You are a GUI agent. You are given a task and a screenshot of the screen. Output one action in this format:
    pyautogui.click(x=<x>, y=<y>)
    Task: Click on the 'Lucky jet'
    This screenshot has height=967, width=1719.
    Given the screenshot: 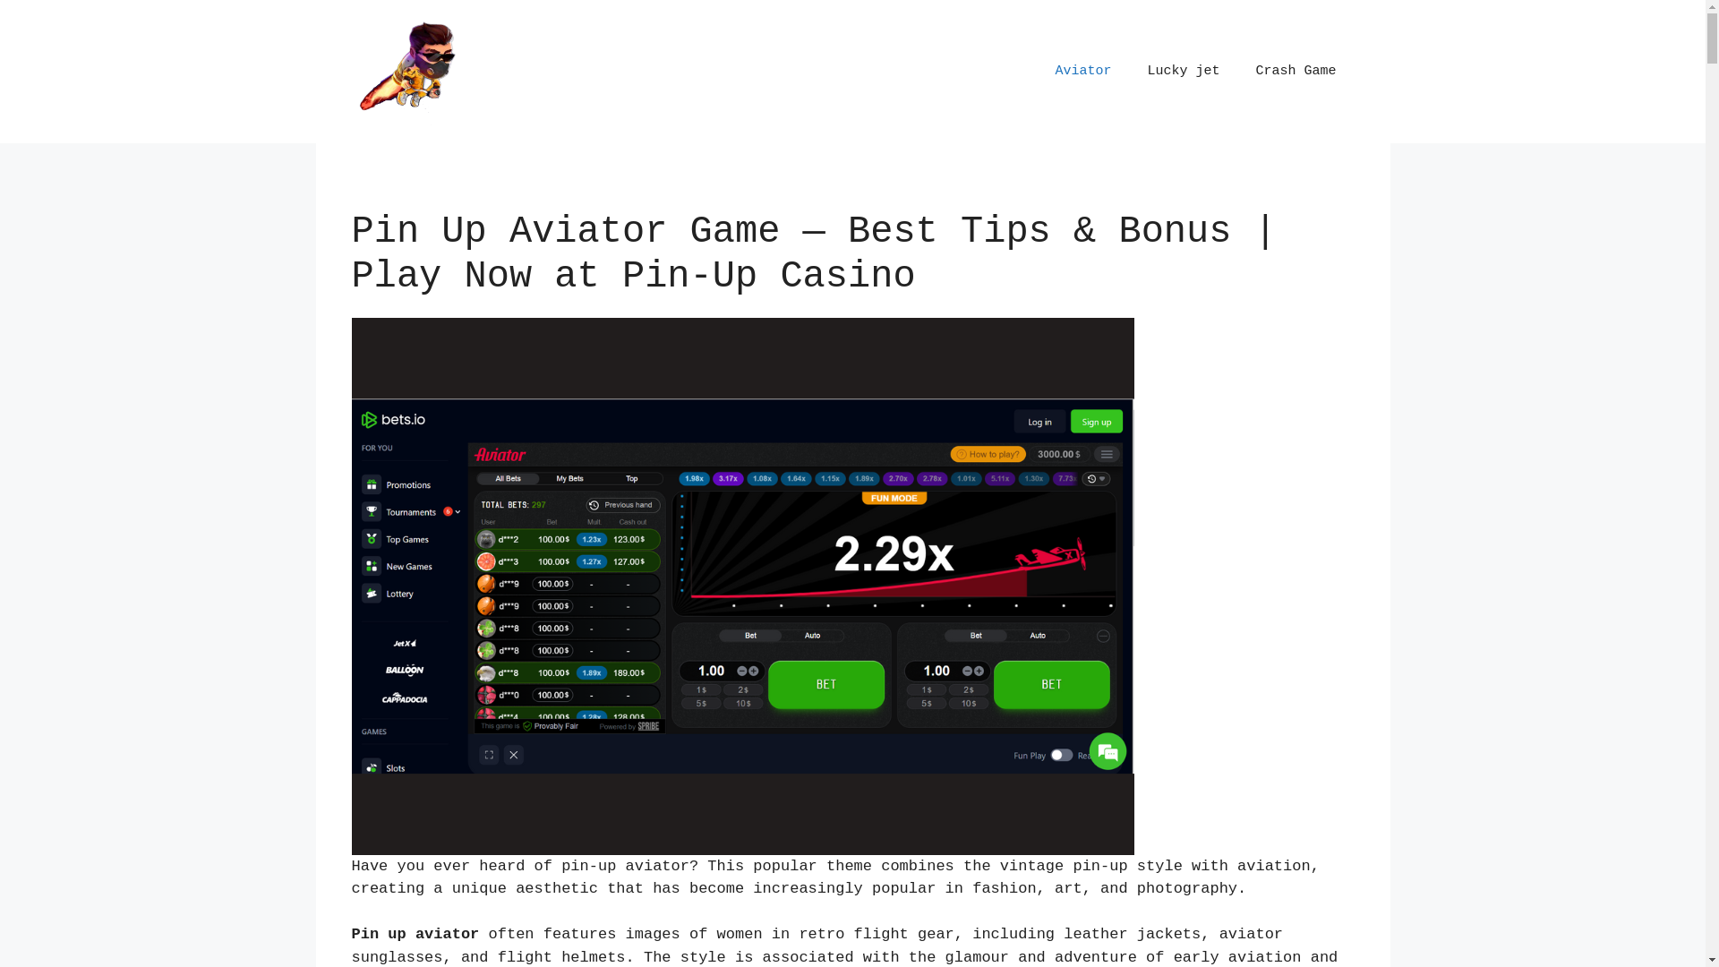 What is the action you would take?
    pyautogui.click(x=1183, y=71)
    